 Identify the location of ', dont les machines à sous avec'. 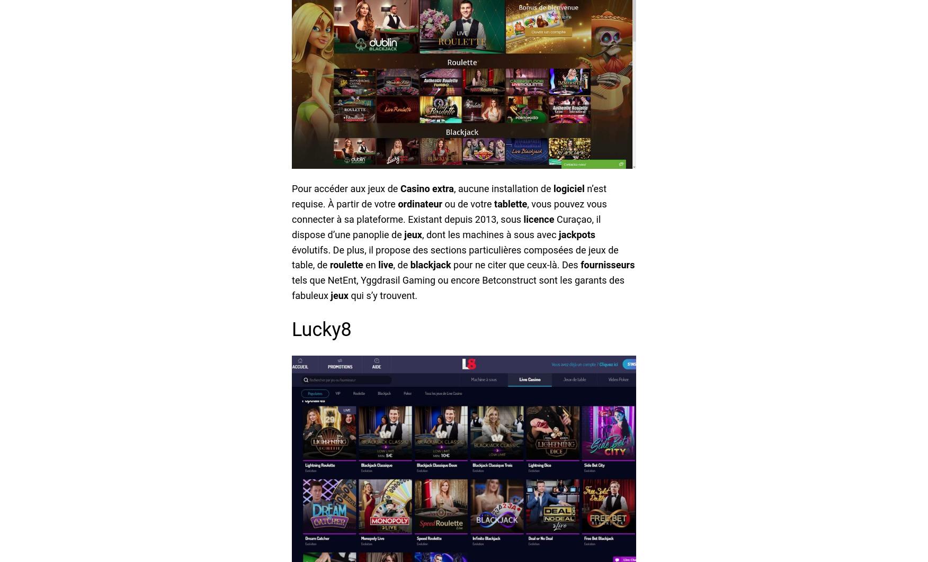
(490, 233).